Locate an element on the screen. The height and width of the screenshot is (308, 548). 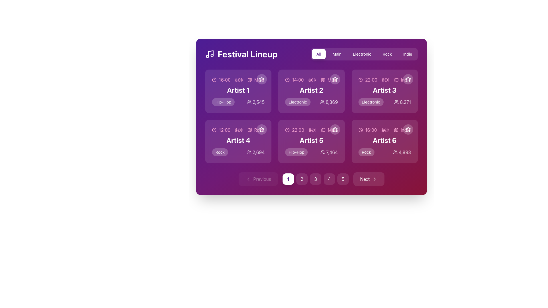
the map-related icon located in the card displaying 'Artist 2' in the second column of the top row is located at coordinates (323, 80).